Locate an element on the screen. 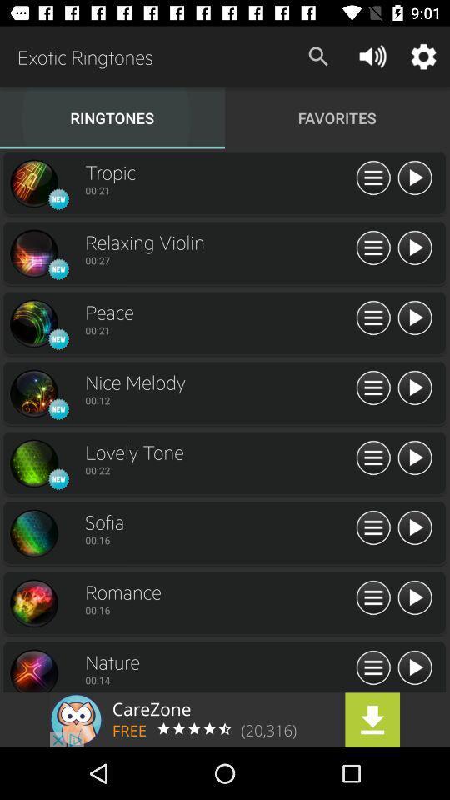  drop down menu is located at coordinates (373, 388).